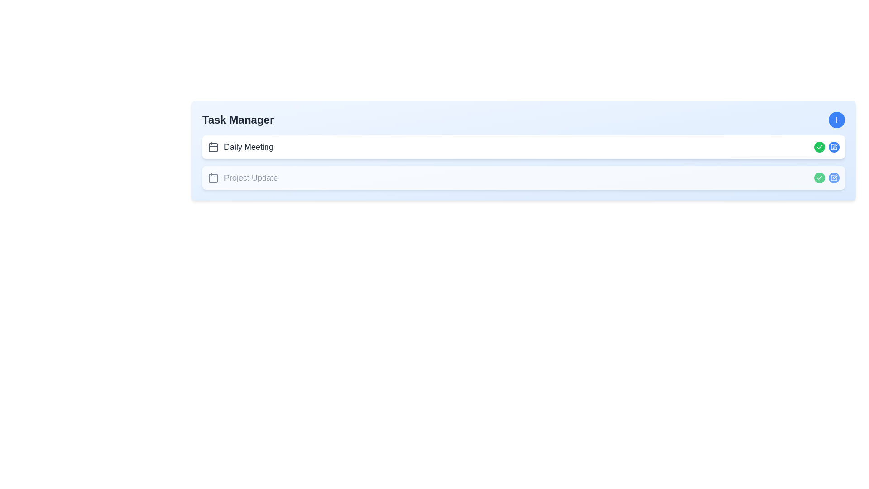  Describe the element at coordinates (834, 146) in the screenshot. I see `the 'edit' button for the 'Daily Meeting' task` at that location.